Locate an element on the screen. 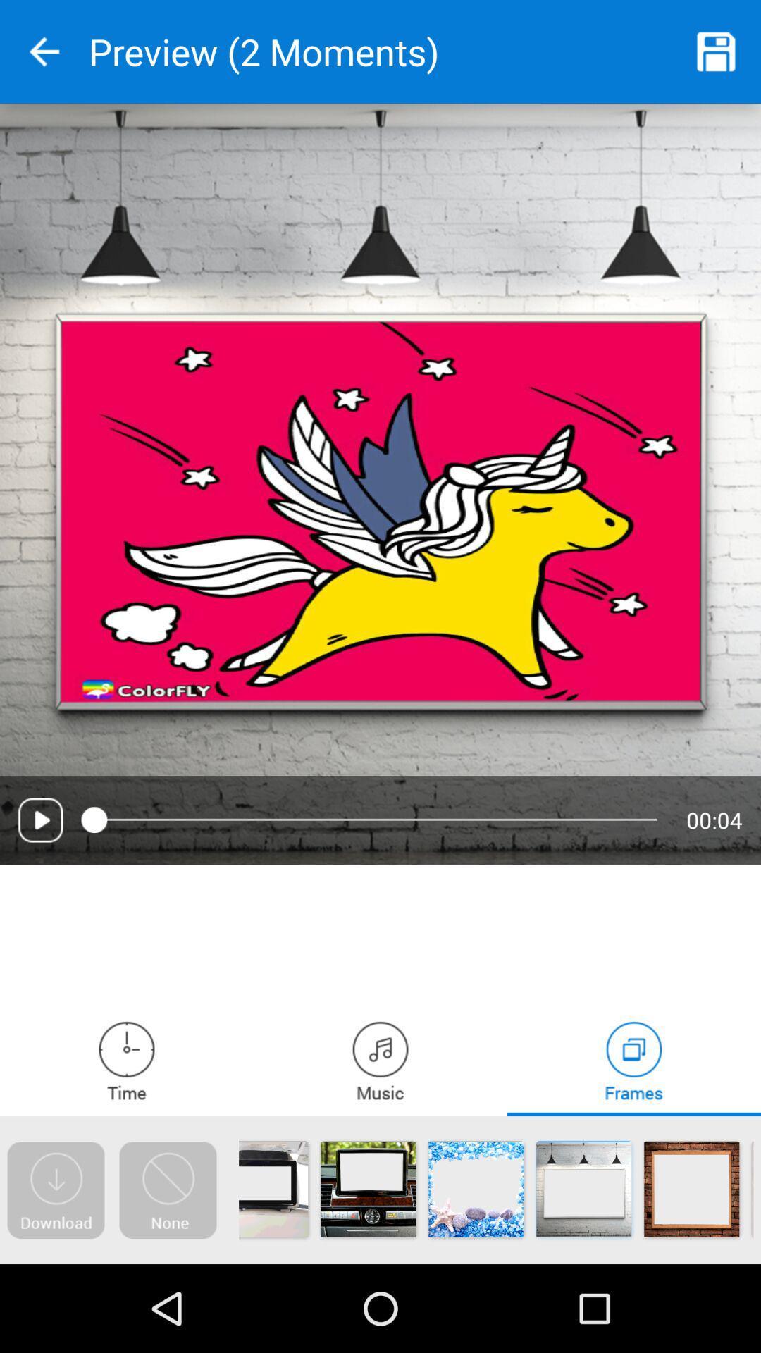 This screenshot has width=761, height=1353. save is located at coordinates (717, 51).